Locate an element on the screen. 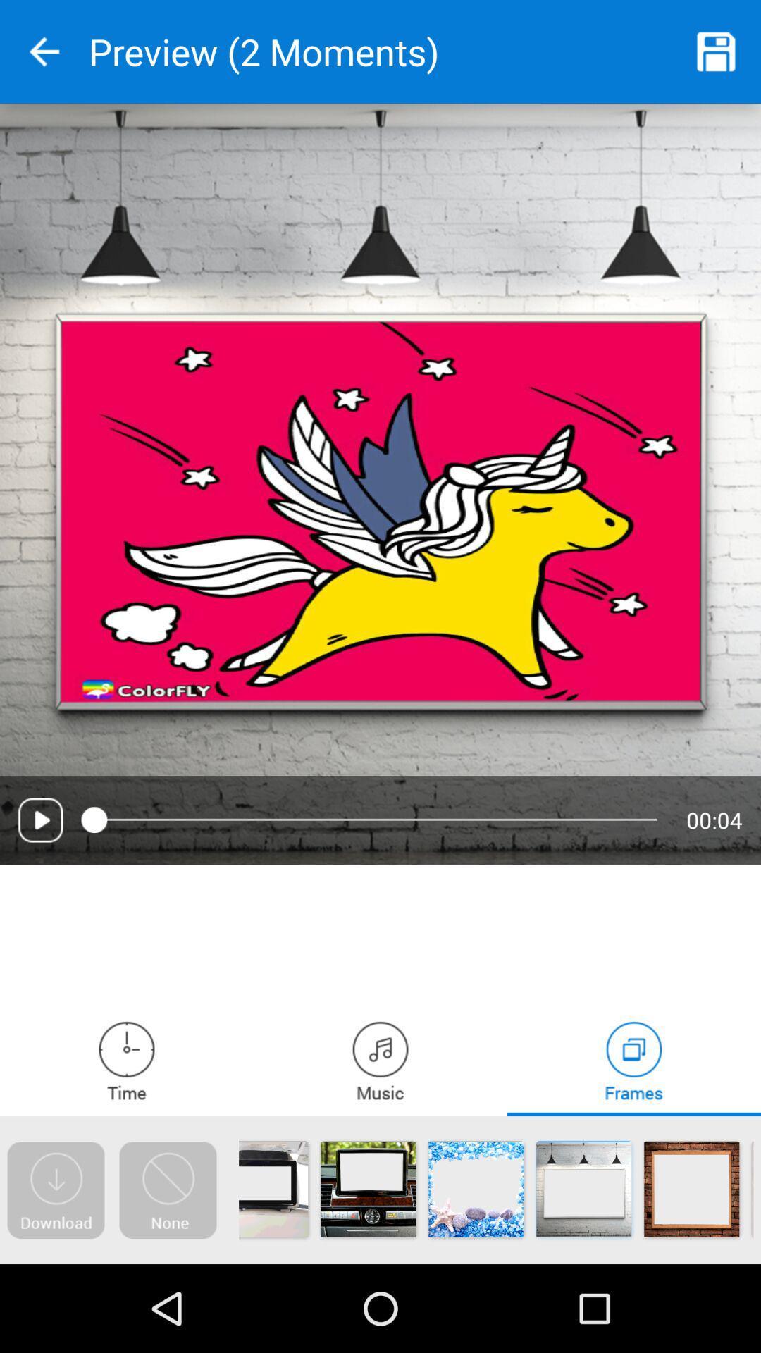 This screenshot has width=761, height=1353. save is located at coordinates (717, 51).